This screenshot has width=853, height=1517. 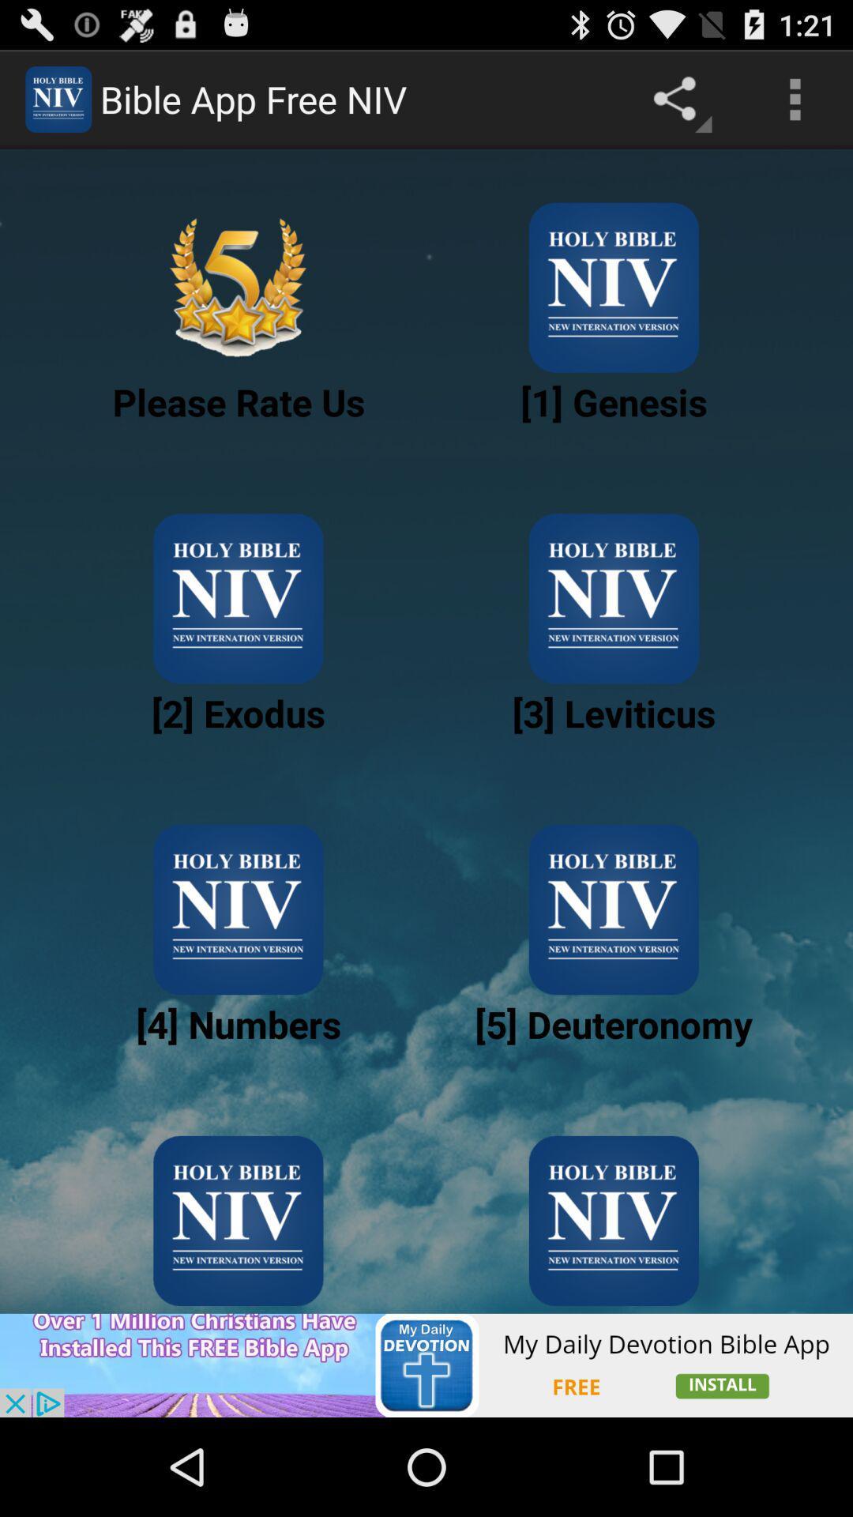 I want to click on advertisement, so click(x=426, y=1365).